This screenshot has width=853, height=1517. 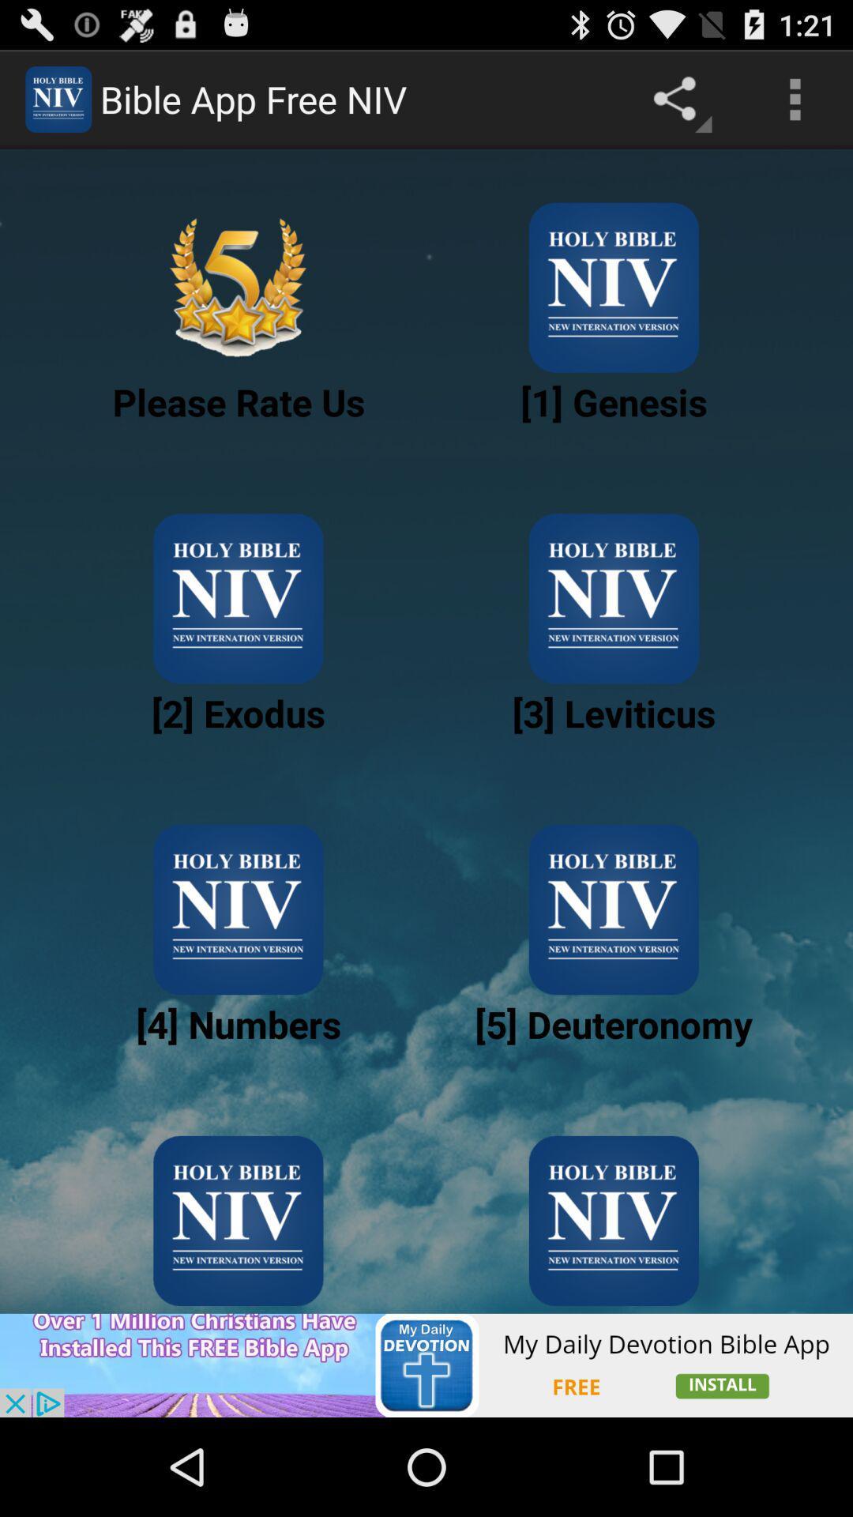 I want to click on advertisement, so click(x=426, y=1365).